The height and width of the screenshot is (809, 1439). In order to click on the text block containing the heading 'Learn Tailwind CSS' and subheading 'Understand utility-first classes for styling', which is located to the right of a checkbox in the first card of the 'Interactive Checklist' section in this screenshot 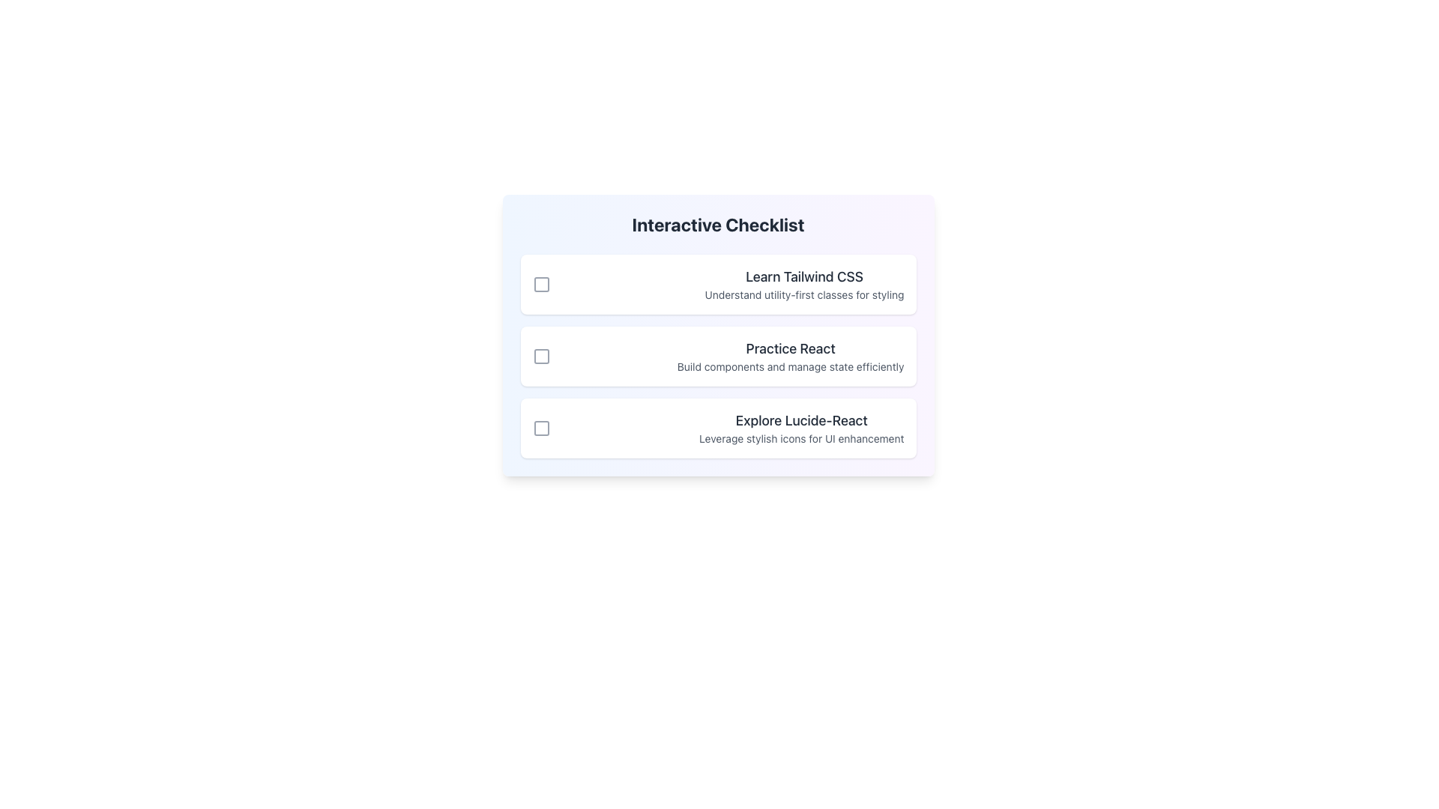, I will do `click(803, 285)`.